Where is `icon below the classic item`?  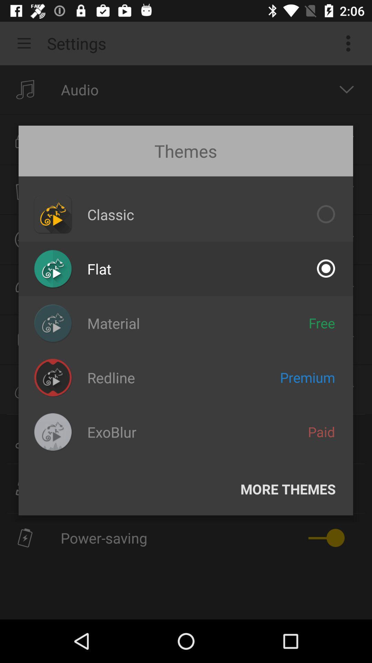
icon below the classic item is located at coordinates (99, 268).